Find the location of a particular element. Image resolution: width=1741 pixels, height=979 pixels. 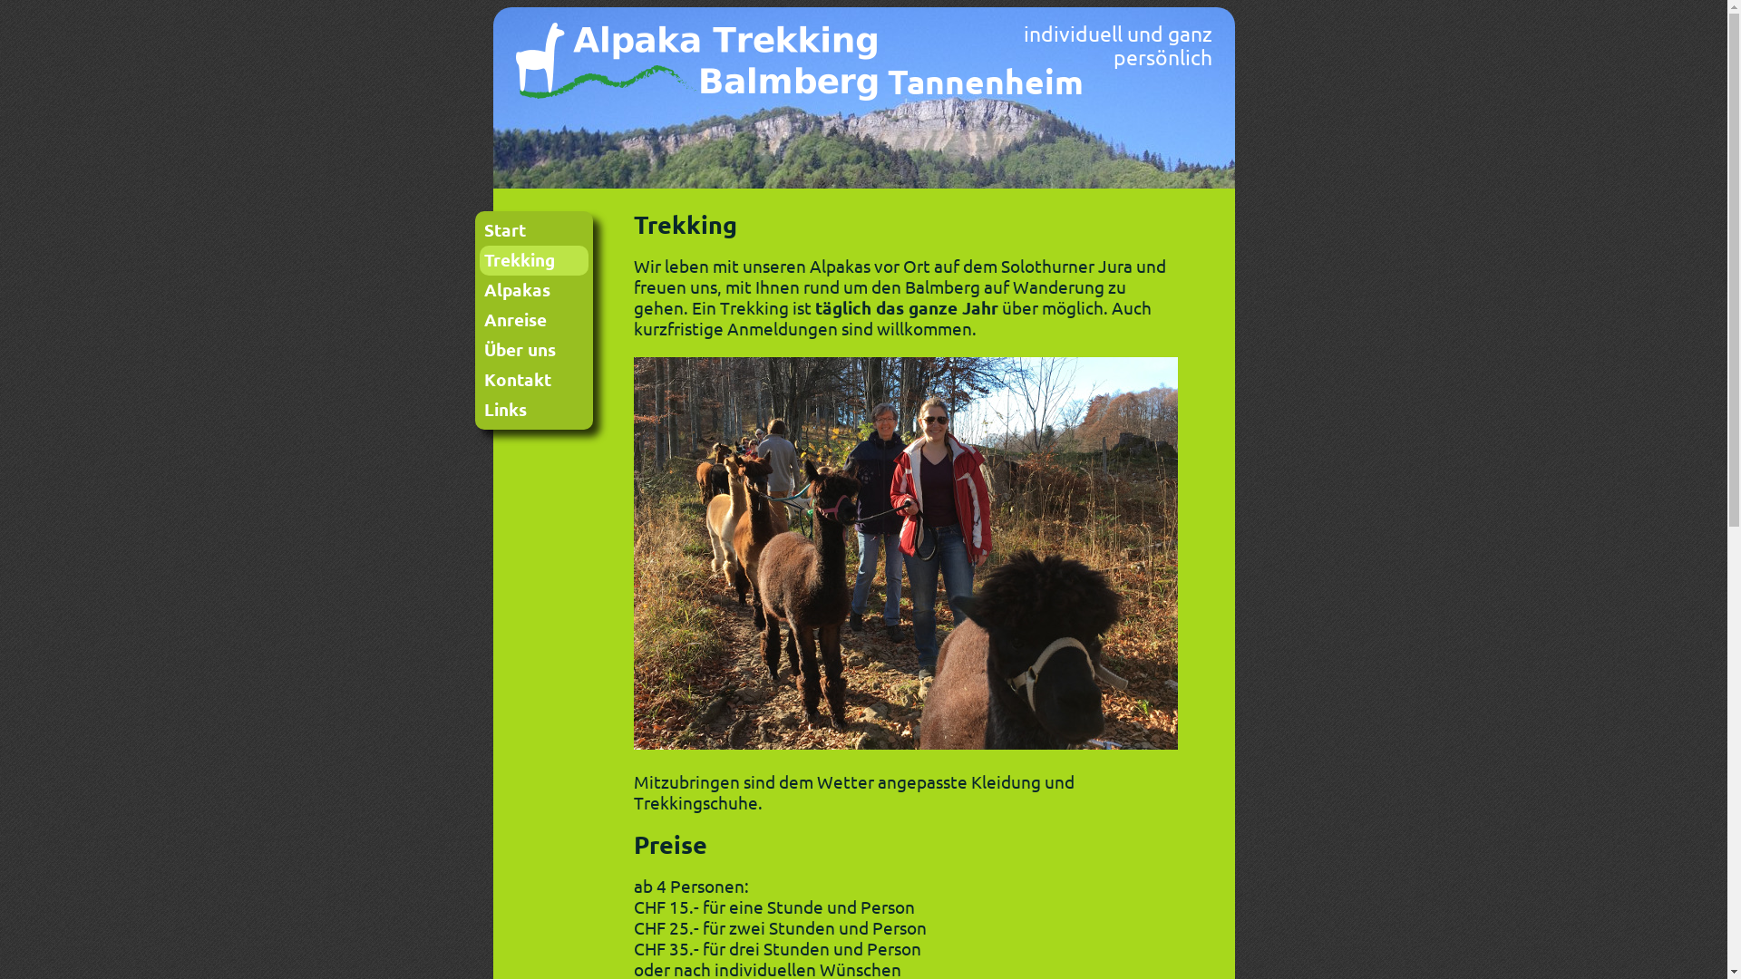

'Kontakt' is located at coordinates (479, 379).